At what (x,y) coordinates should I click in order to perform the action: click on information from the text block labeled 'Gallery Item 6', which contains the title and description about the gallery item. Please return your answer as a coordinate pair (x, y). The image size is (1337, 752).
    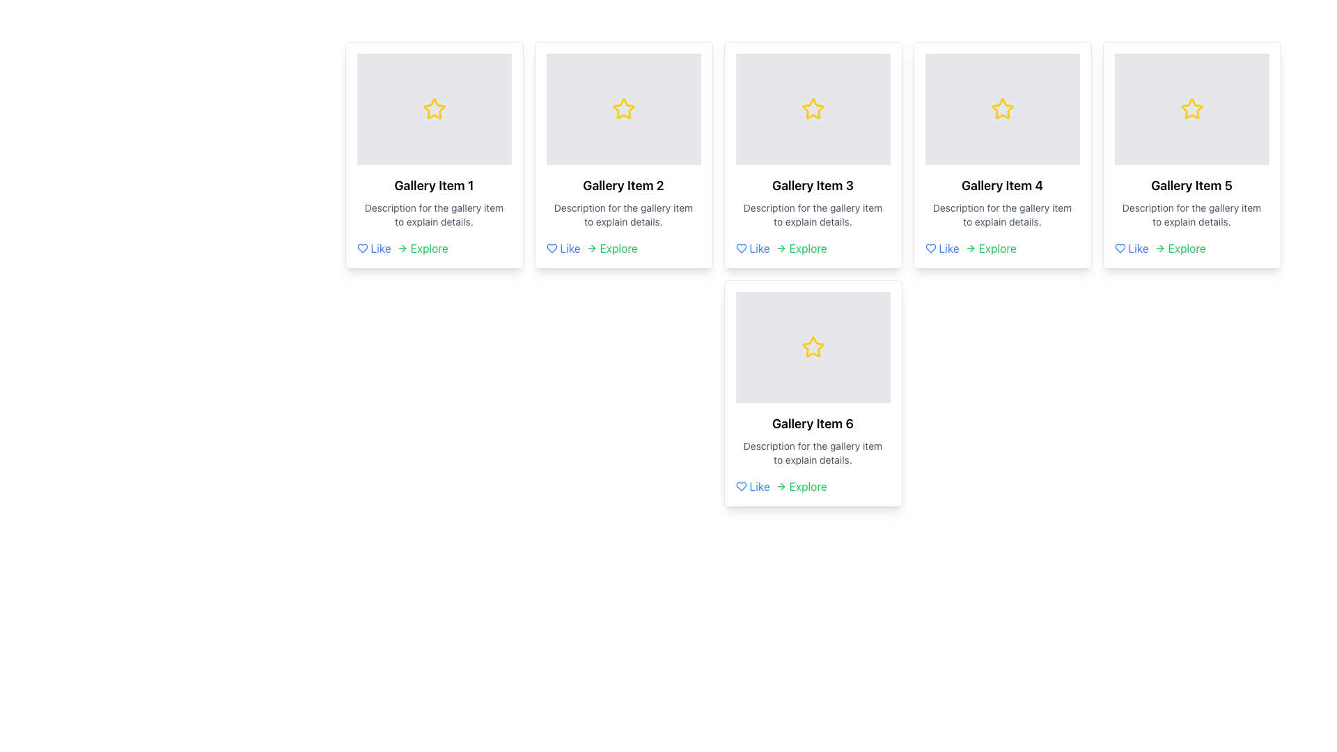
    Looking at the image, I should click on (813, 440).